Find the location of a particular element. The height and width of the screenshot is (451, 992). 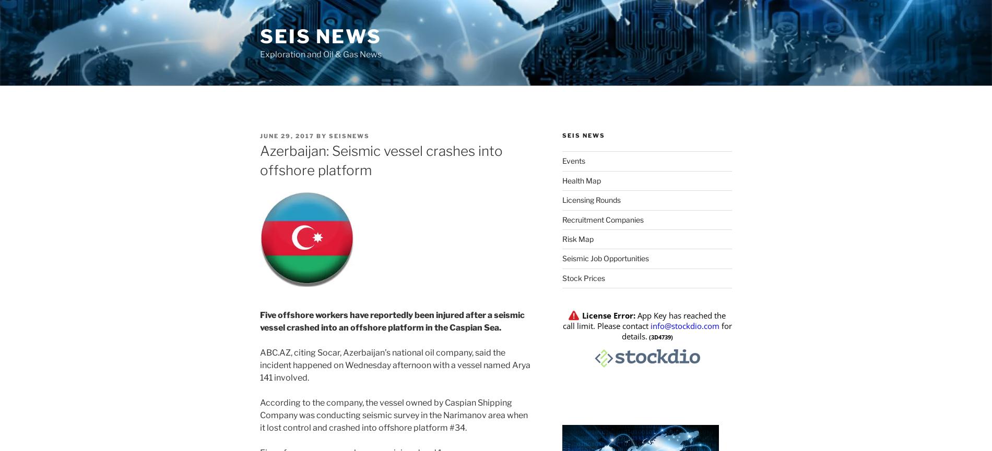

'Licensing Rounds' is located at coordinates (591, 200).